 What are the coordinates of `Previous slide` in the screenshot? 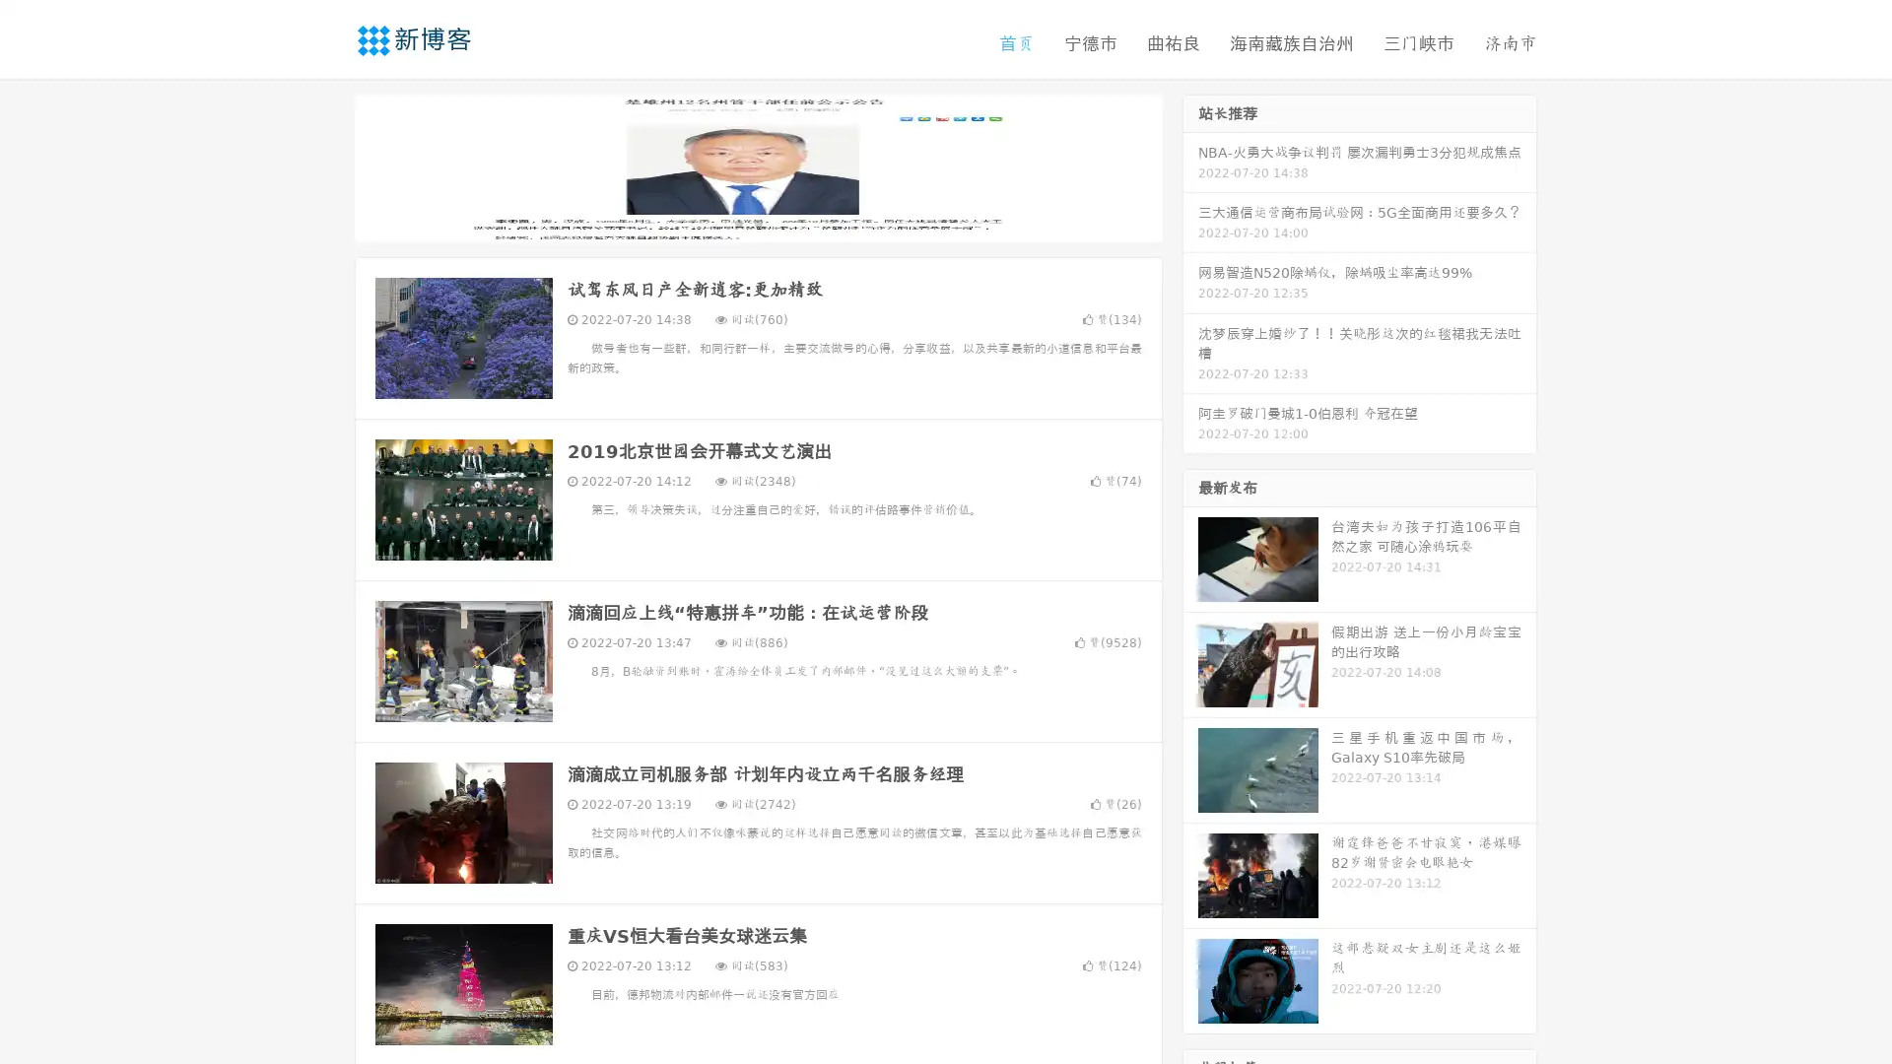 It's located at (325, 166).